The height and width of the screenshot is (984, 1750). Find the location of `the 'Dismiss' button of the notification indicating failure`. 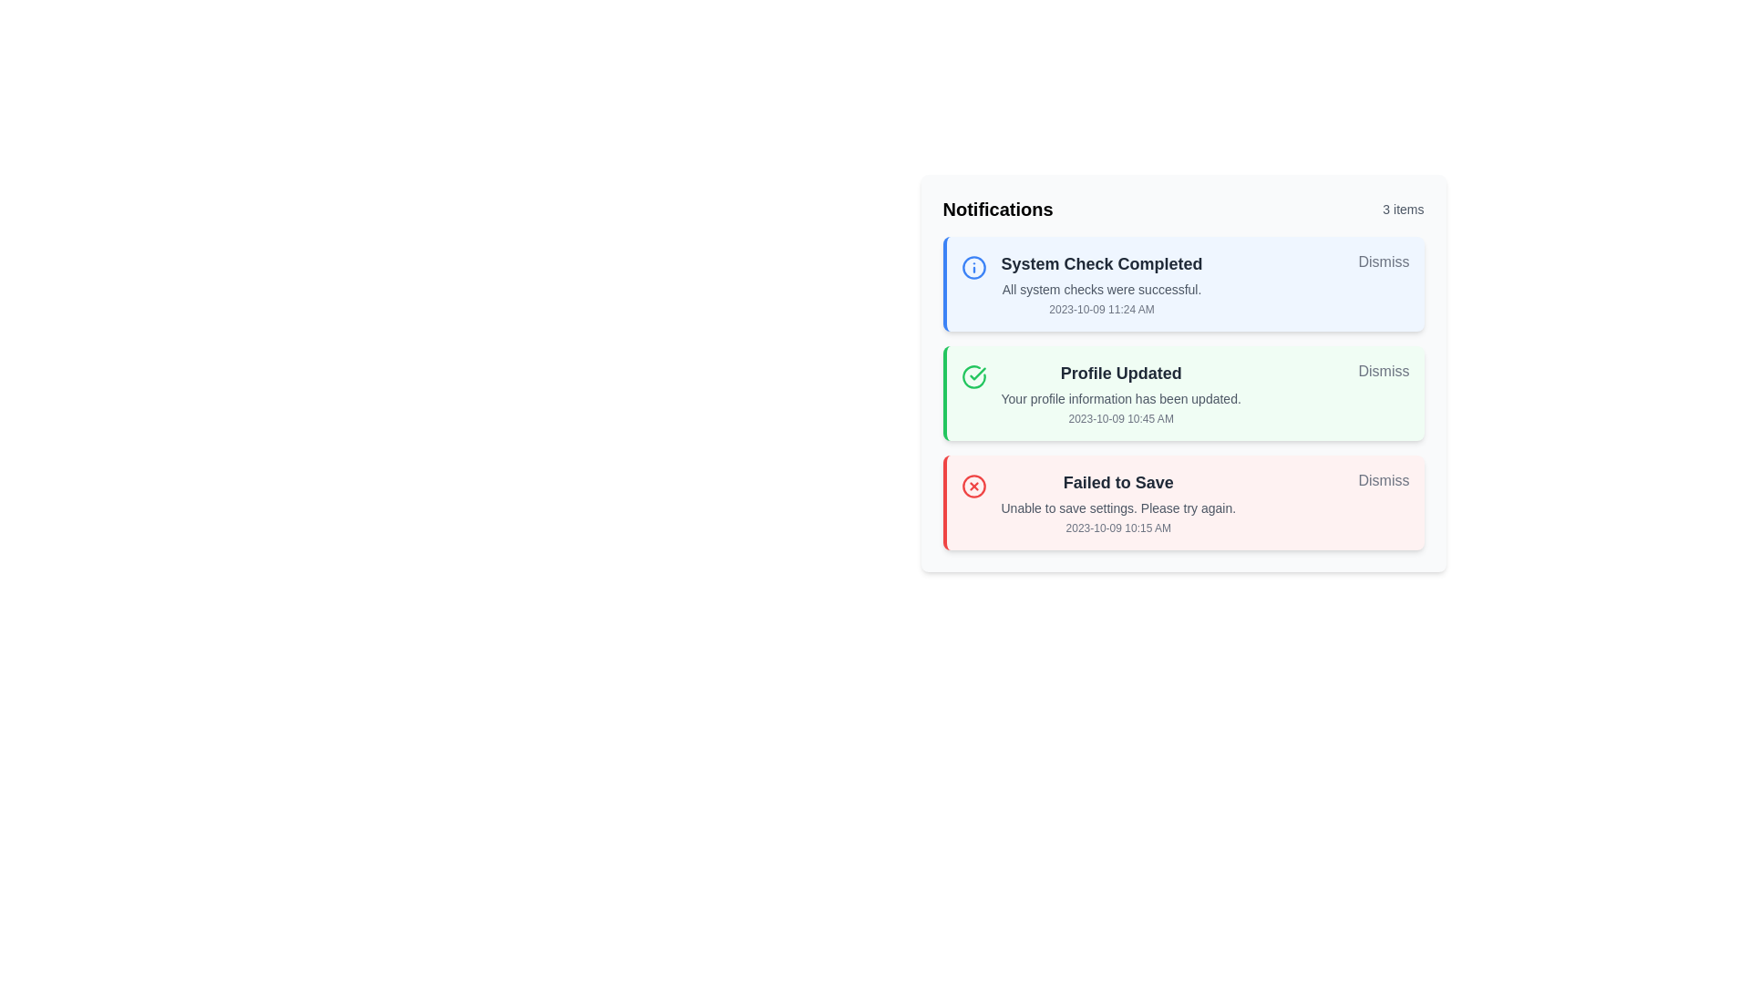

the 'Dismiss' button of the notification indicating failure is located at coordinates (1183, 502).